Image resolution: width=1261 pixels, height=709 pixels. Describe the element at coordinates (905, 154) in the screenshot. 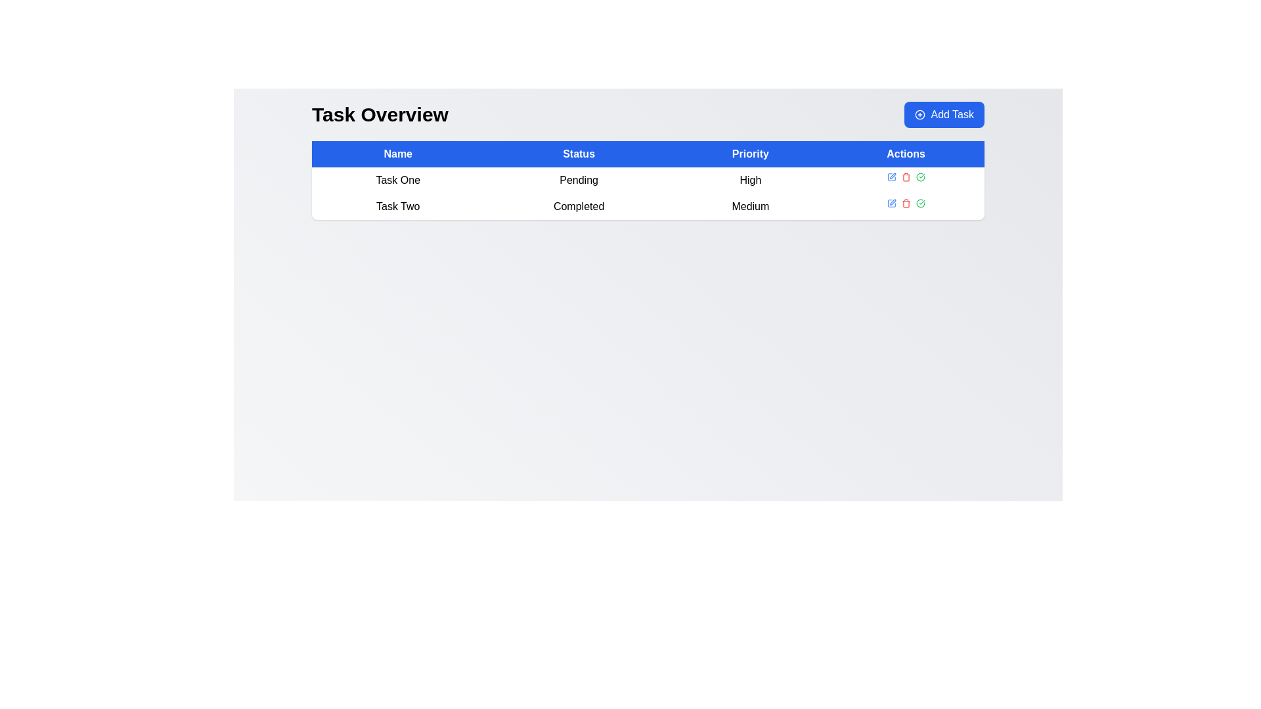

I see `the Table Header Cell labeled 'Actions', which is the fourth header cell in the top-right section of the table, featuring white capitalized text on a blue background` at that location.